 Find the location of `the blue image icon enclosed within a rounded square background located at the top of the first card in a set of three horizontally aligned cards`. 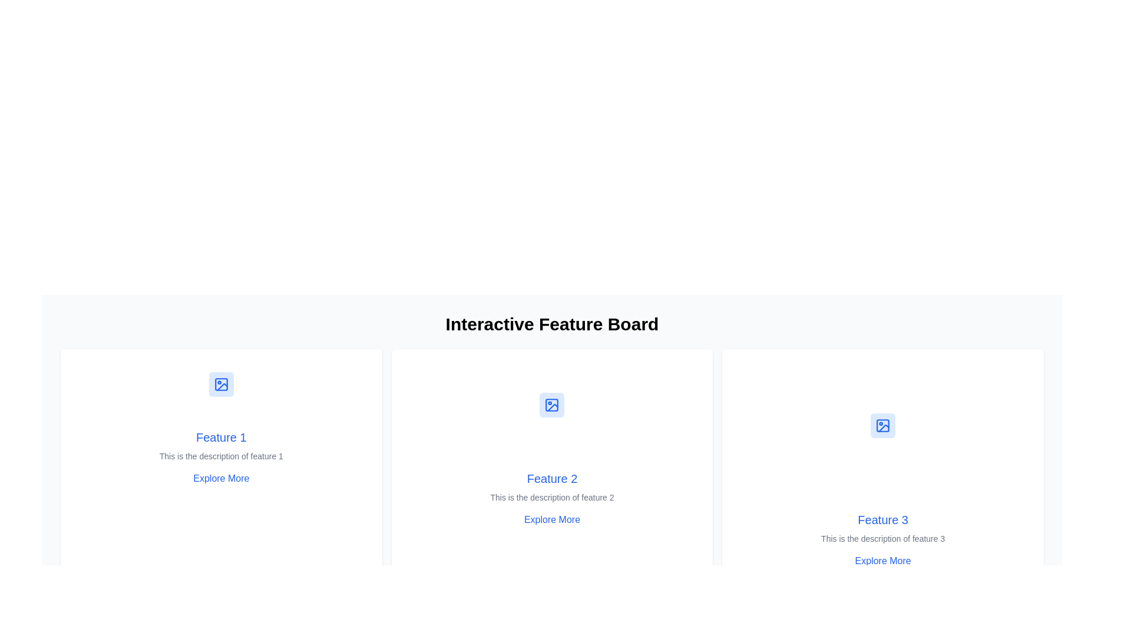

the blue image icon enclosed within a rounded square background located at the top of the first card in a set of three horizontally aligned cards is located at coordinates (221, 384).